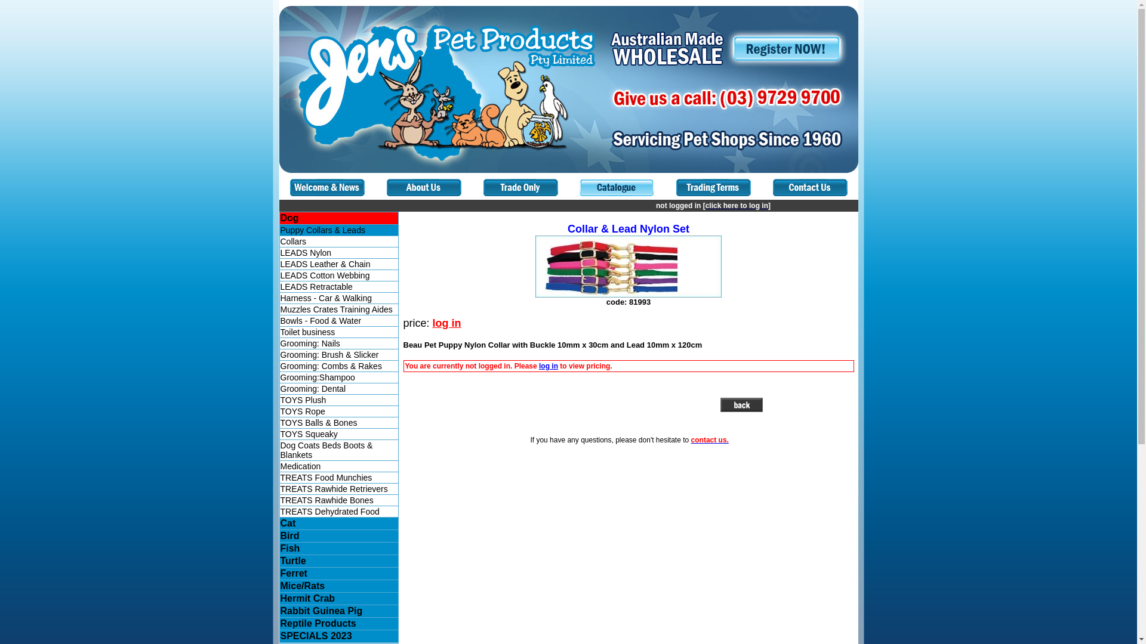 The height and width of the screenshot is (644, 1146). Describe the element at coordinates (329, 510) in the screenshot. I see `'TREATS Dehydrated Food'` at that location.